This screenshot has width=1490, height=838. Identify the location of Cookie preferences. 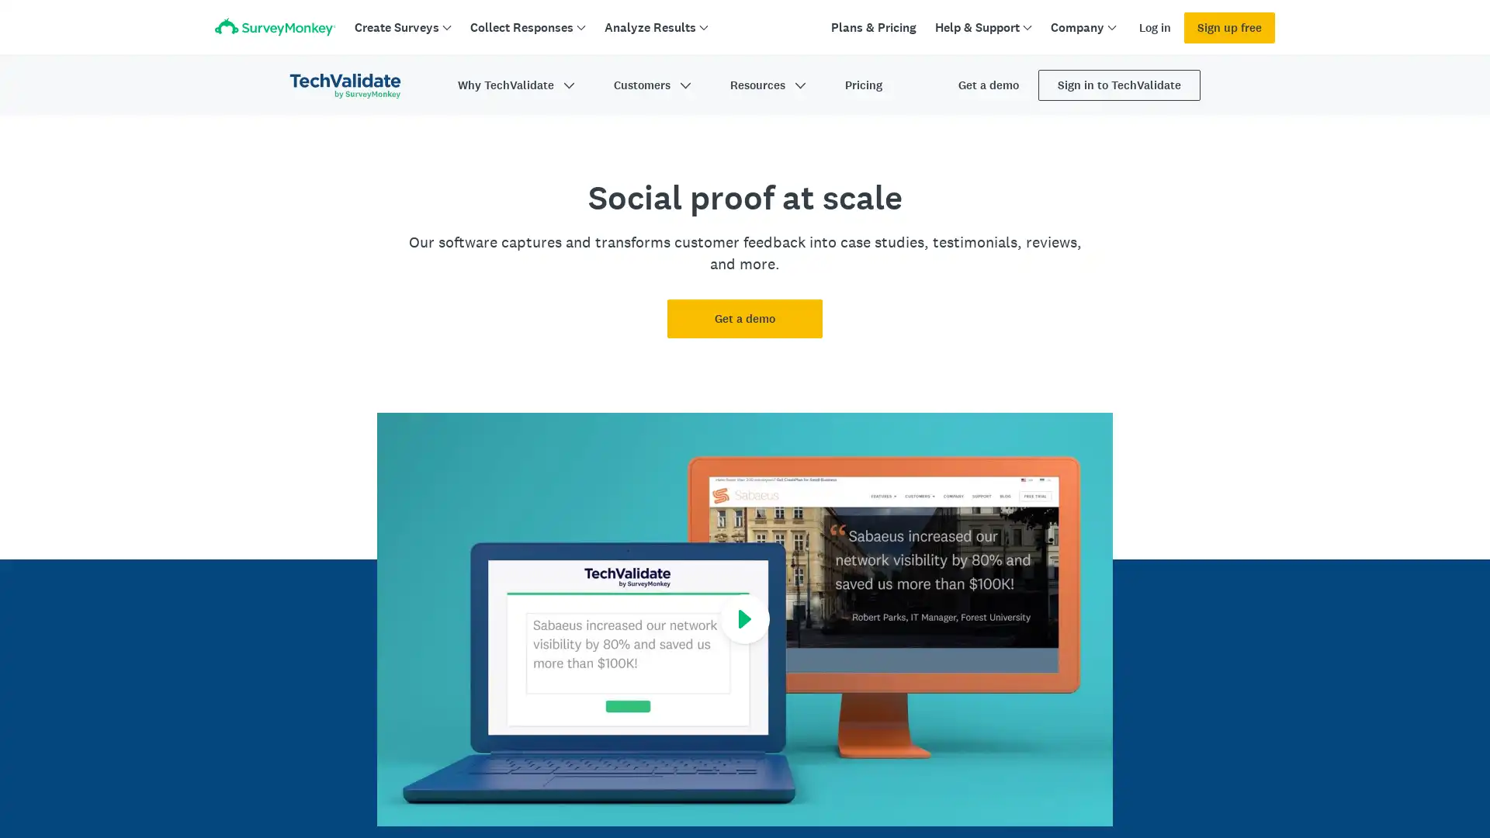
(1083, 783).